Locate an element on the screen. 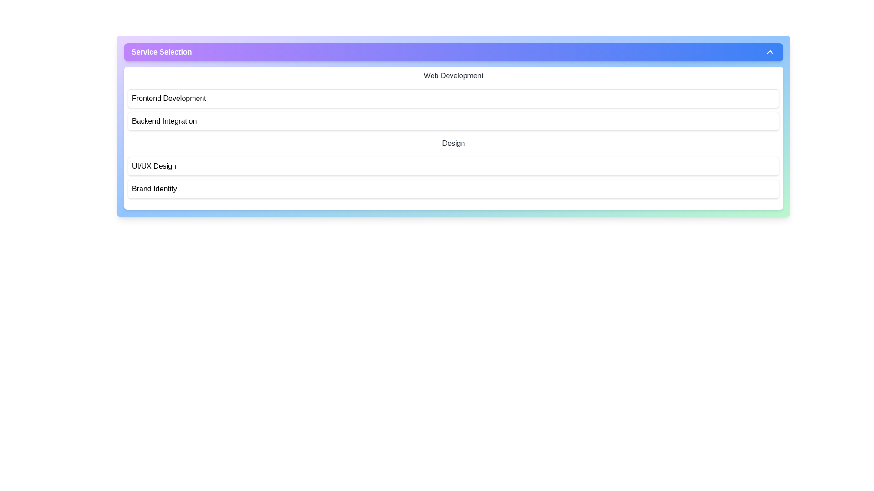  the text label representing a category or option, located as the second item under the 'Service Selection' header, positioned between 'Frontend Development' and 'UI/UX Design' is located at coordinates (164, 120).